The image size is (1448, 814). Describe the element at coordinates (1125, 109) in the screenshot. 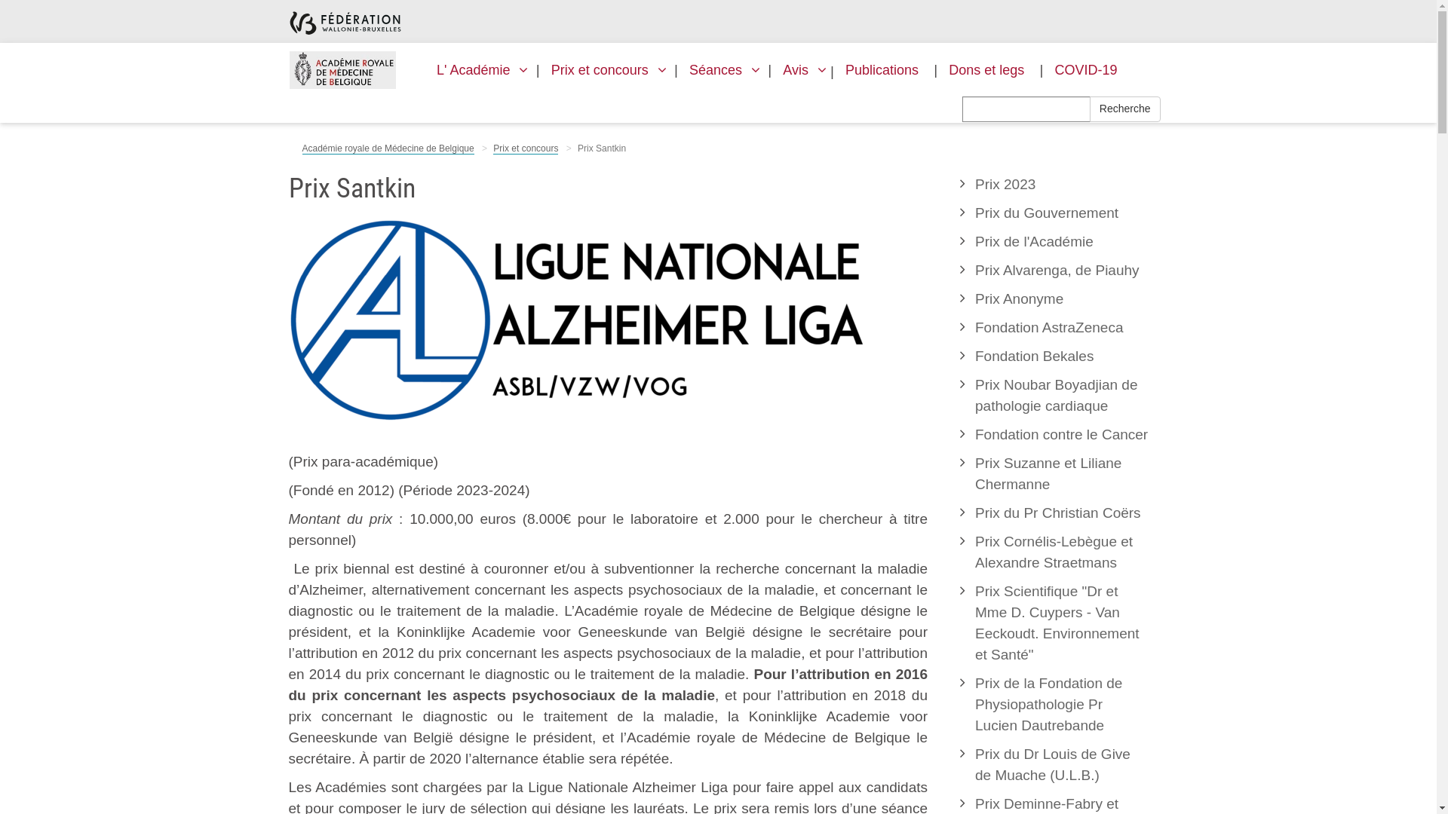

I see `'Recherche'` at that location.